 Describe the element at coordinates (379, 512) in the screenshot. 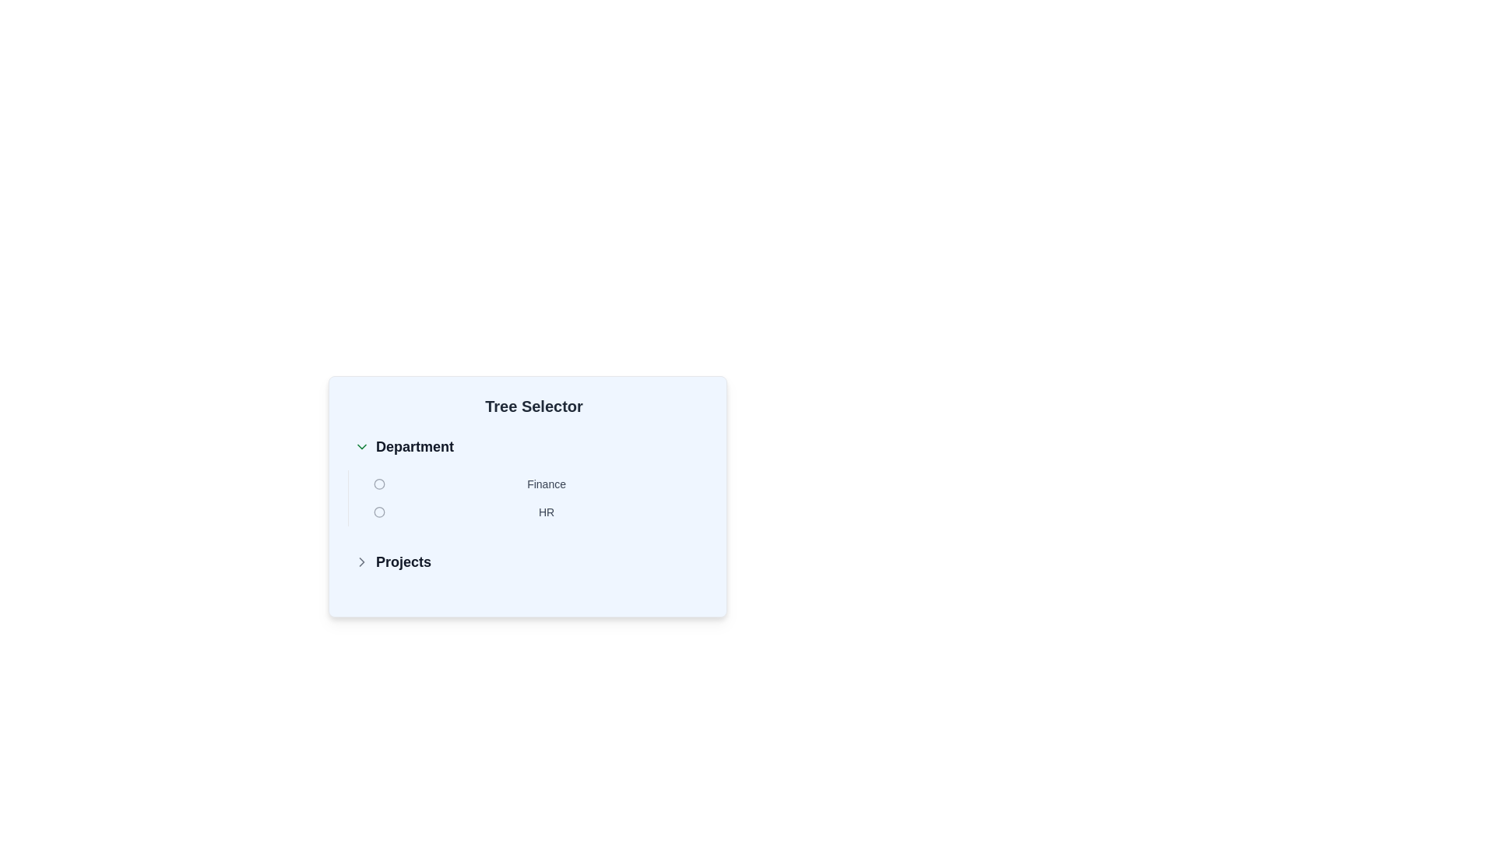

I see `the selection marker icon located to the left of the 'HR' text in the expandable list under the 'Department' category` at that location.